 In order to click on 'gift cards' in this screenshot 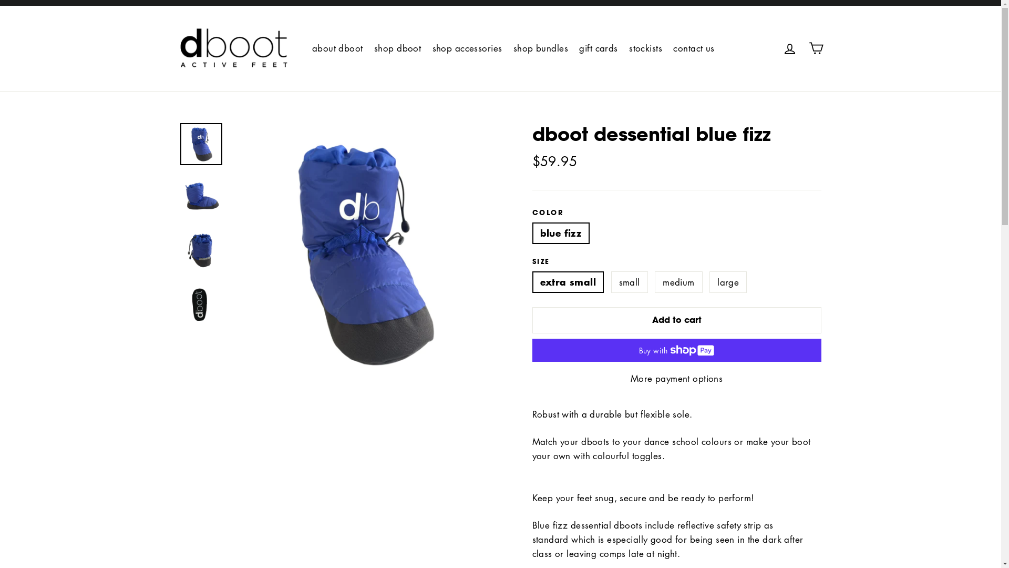, I will do `click(598, 48)`.